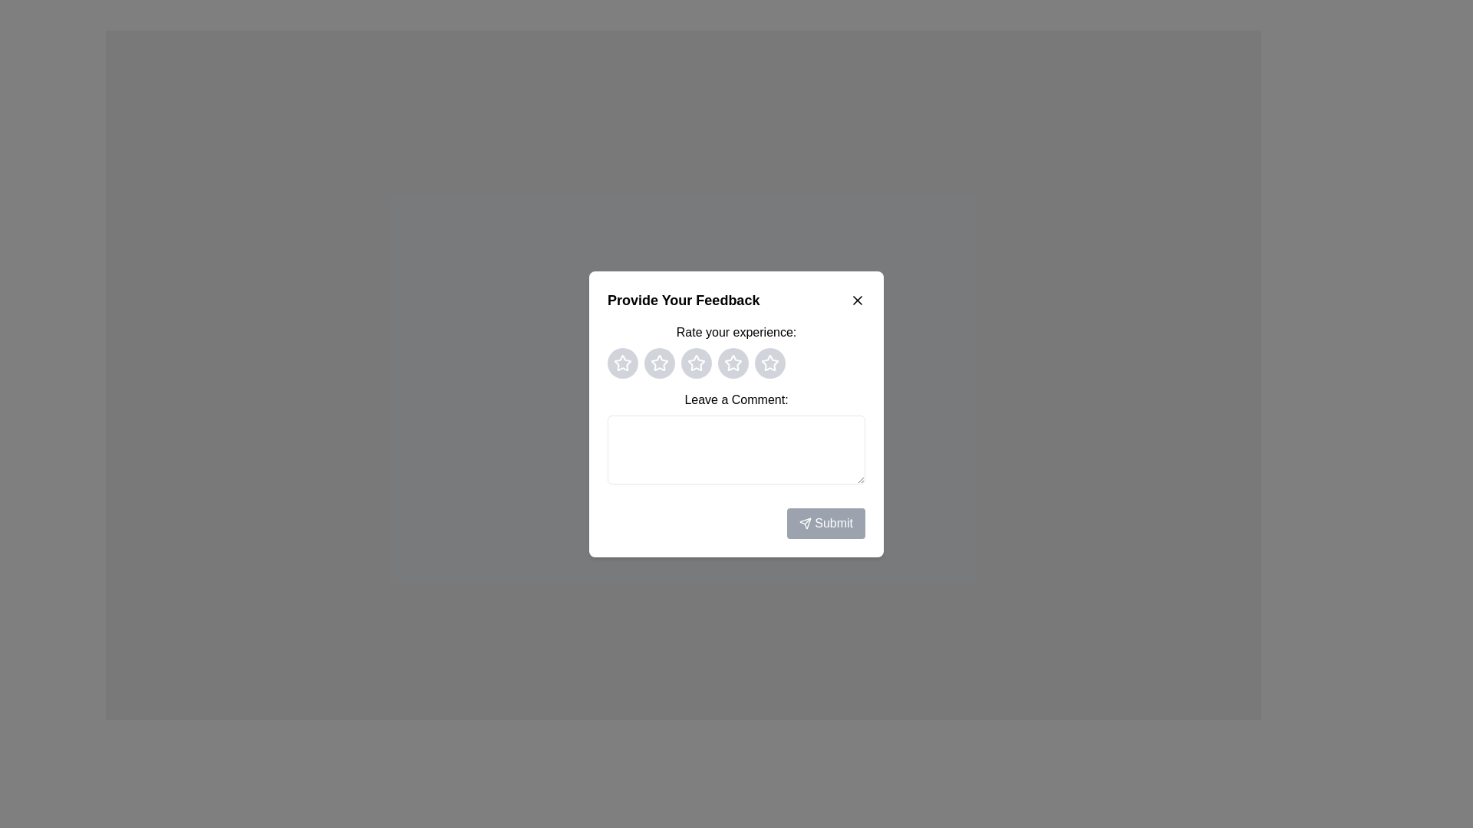  Describe the element at coordinates (695, 363) in the screenshot. I see `the second star icon, which is white filled with a gray border, to provide a rating in the feedback dialog box` at that location.